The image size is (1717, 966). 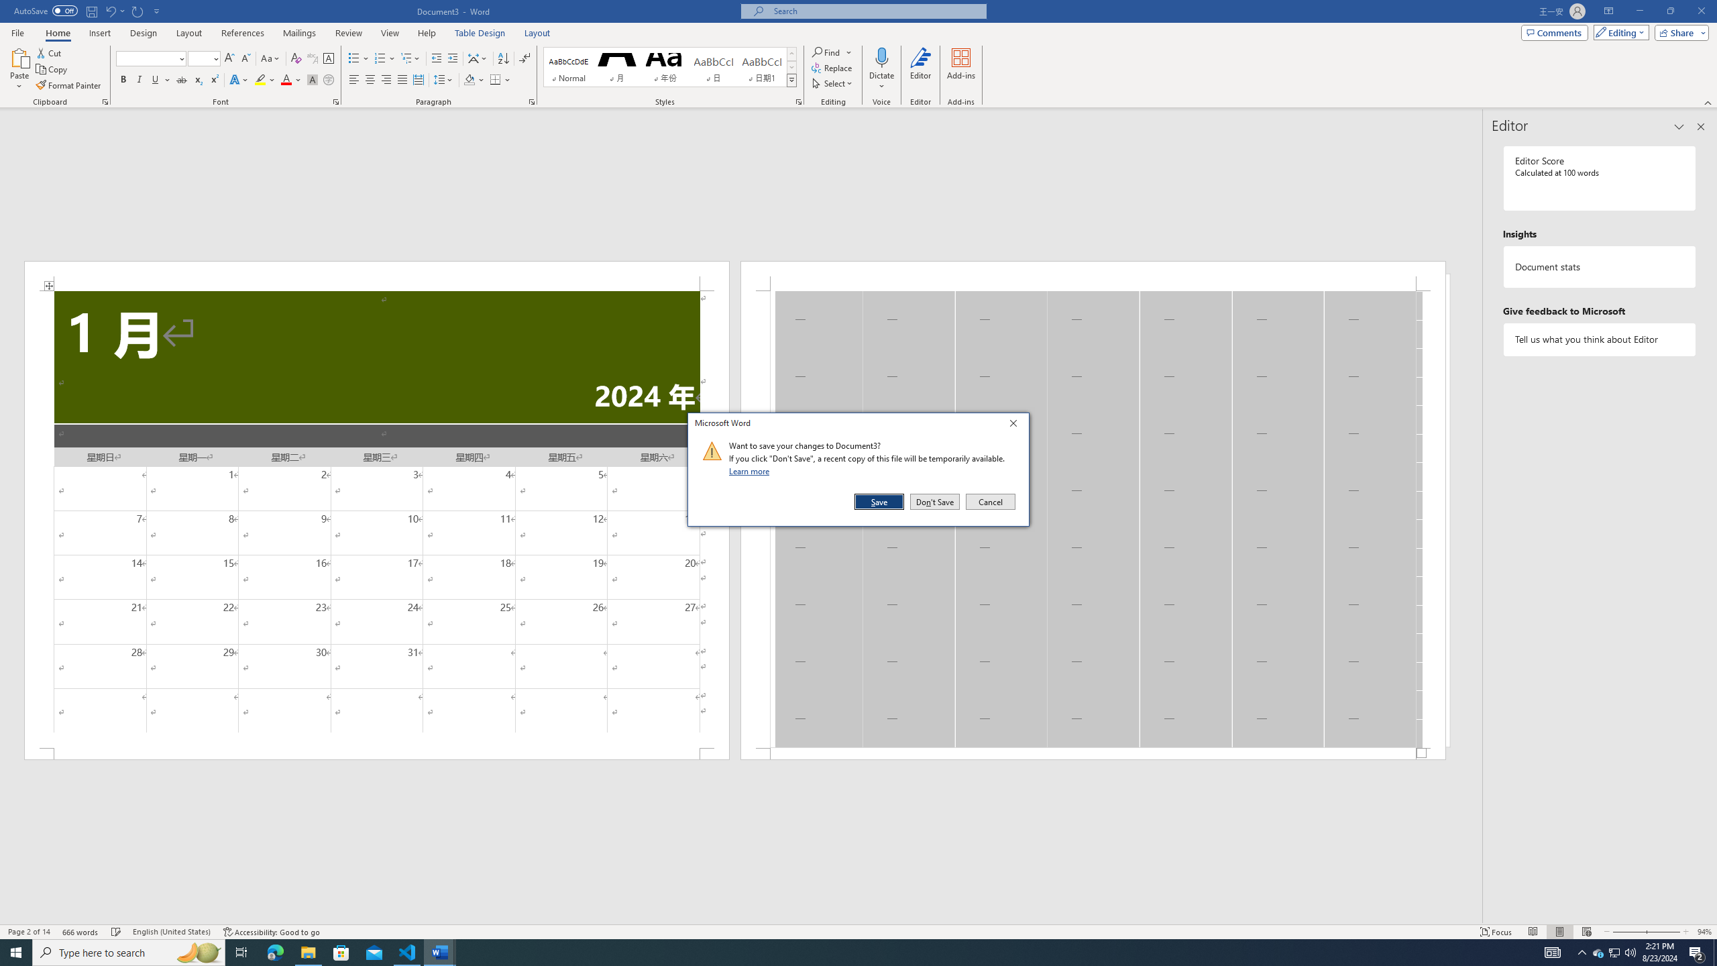 I want to click on 'Focus ', so click(x=1496, y=932).